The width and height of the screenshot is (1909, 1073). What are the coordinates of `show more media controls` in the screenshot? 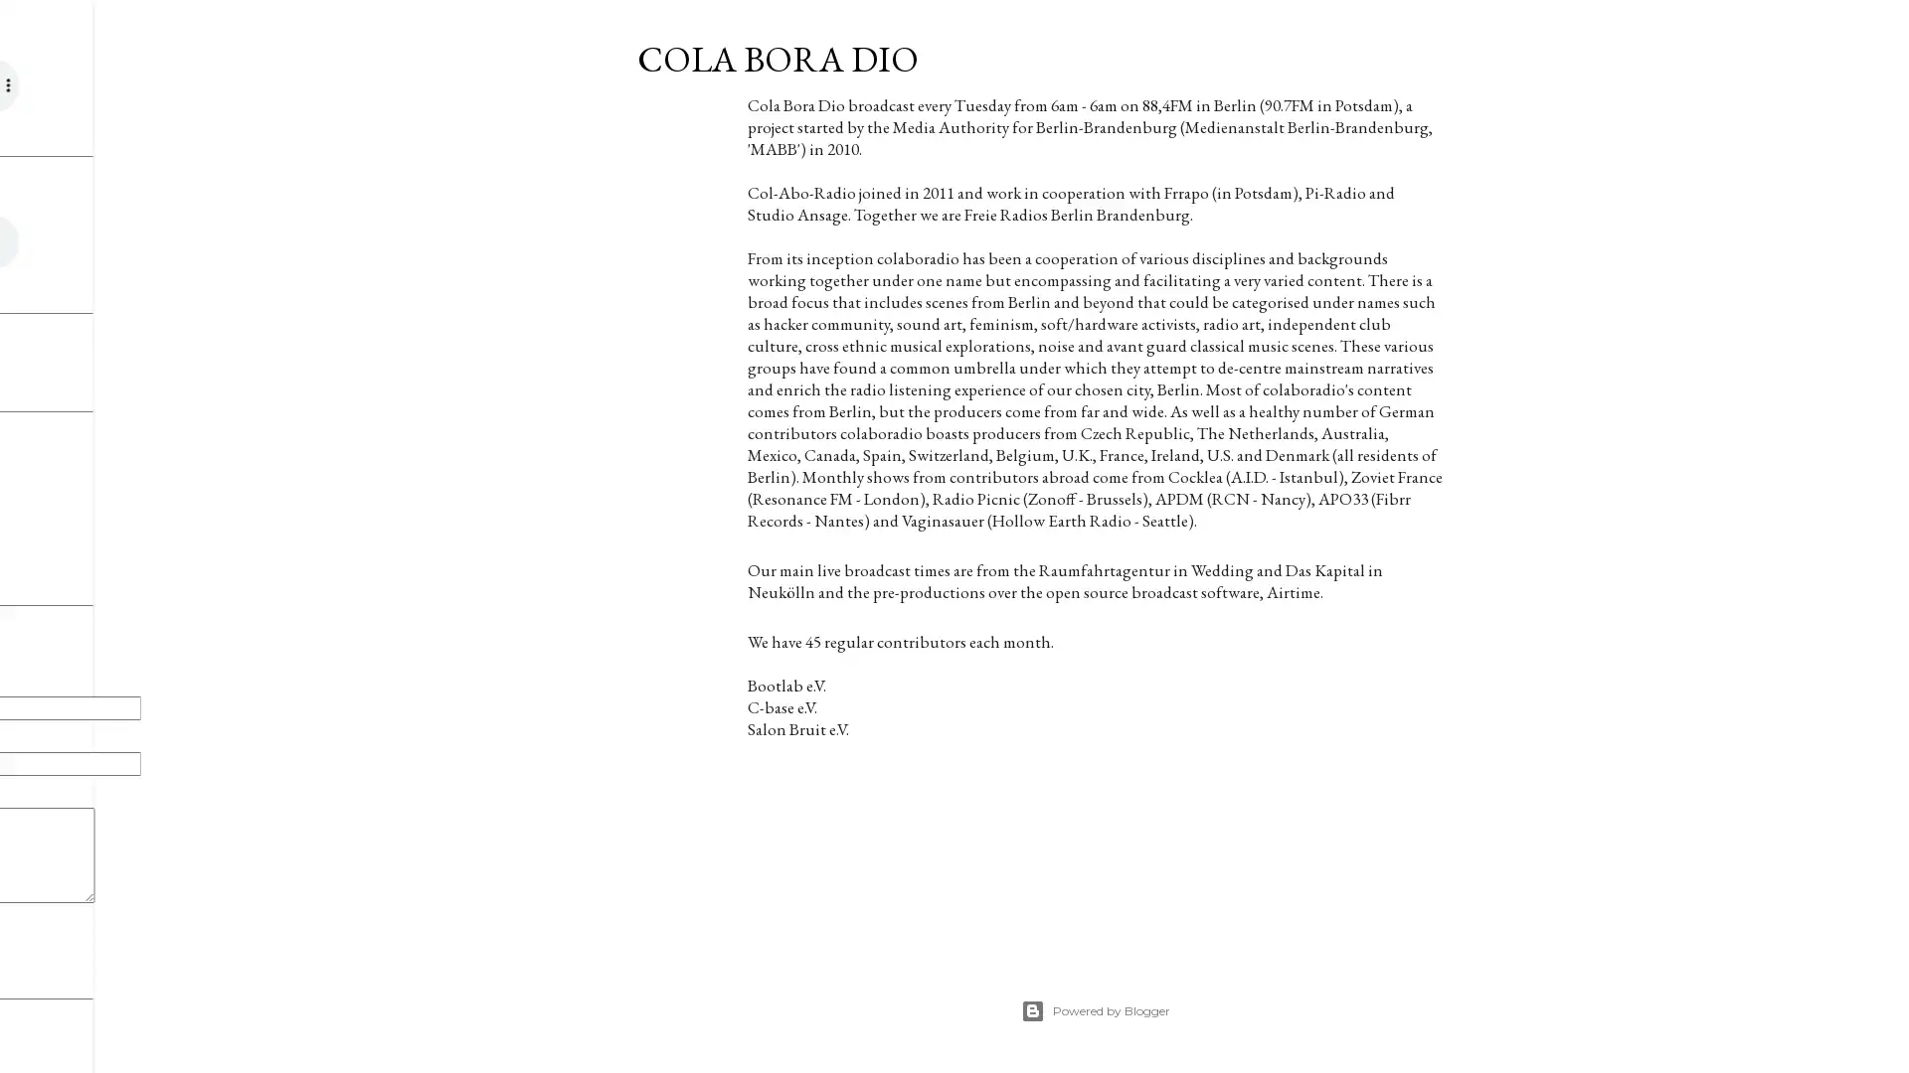 It's located at (197, 83).